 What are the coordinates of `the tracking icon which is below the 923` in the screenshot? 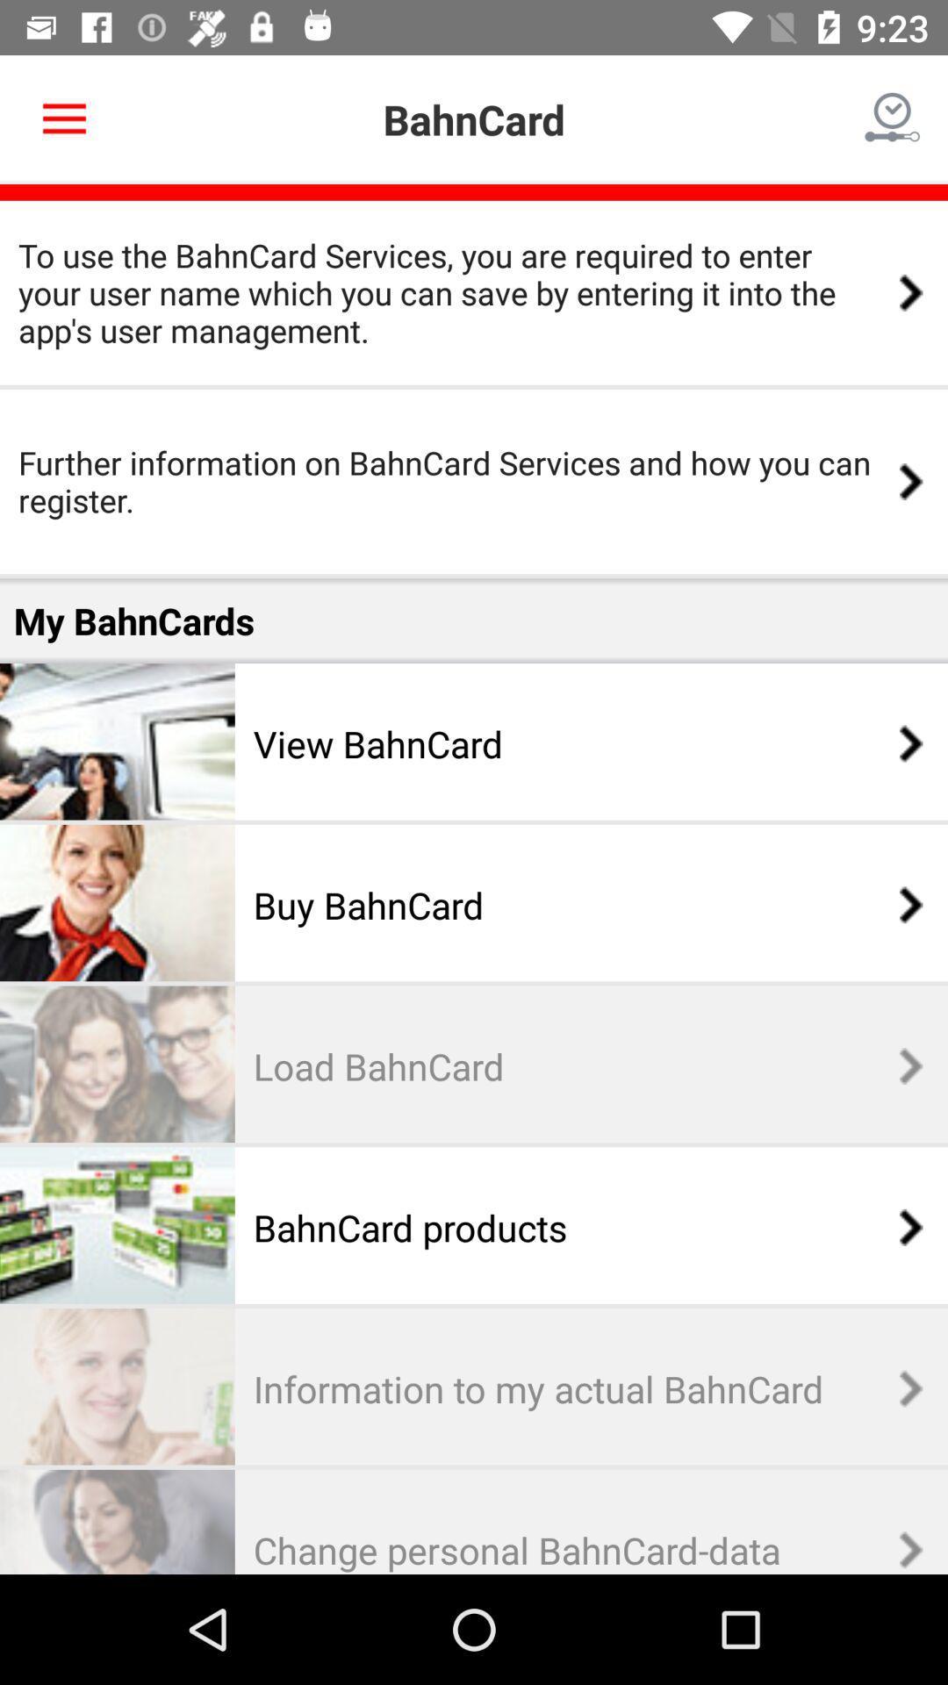 It's located at (893, 119).